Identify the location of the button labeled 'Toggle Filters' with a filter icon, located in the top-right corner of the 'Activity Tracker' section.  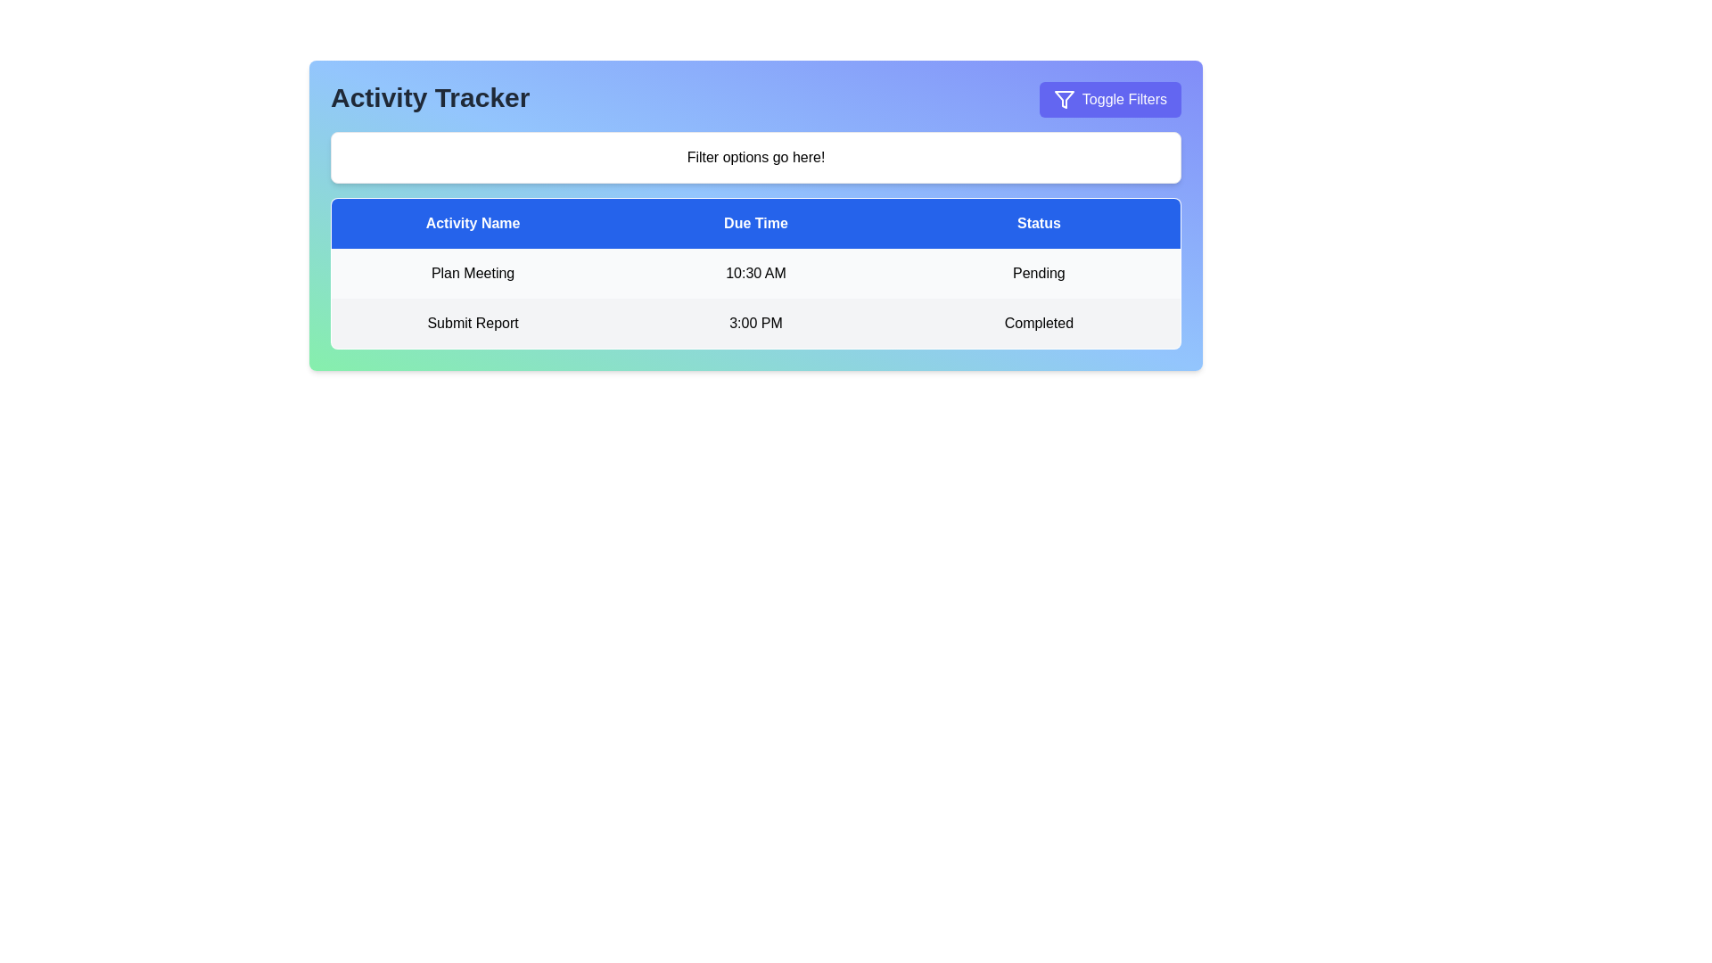
(1109, 99).